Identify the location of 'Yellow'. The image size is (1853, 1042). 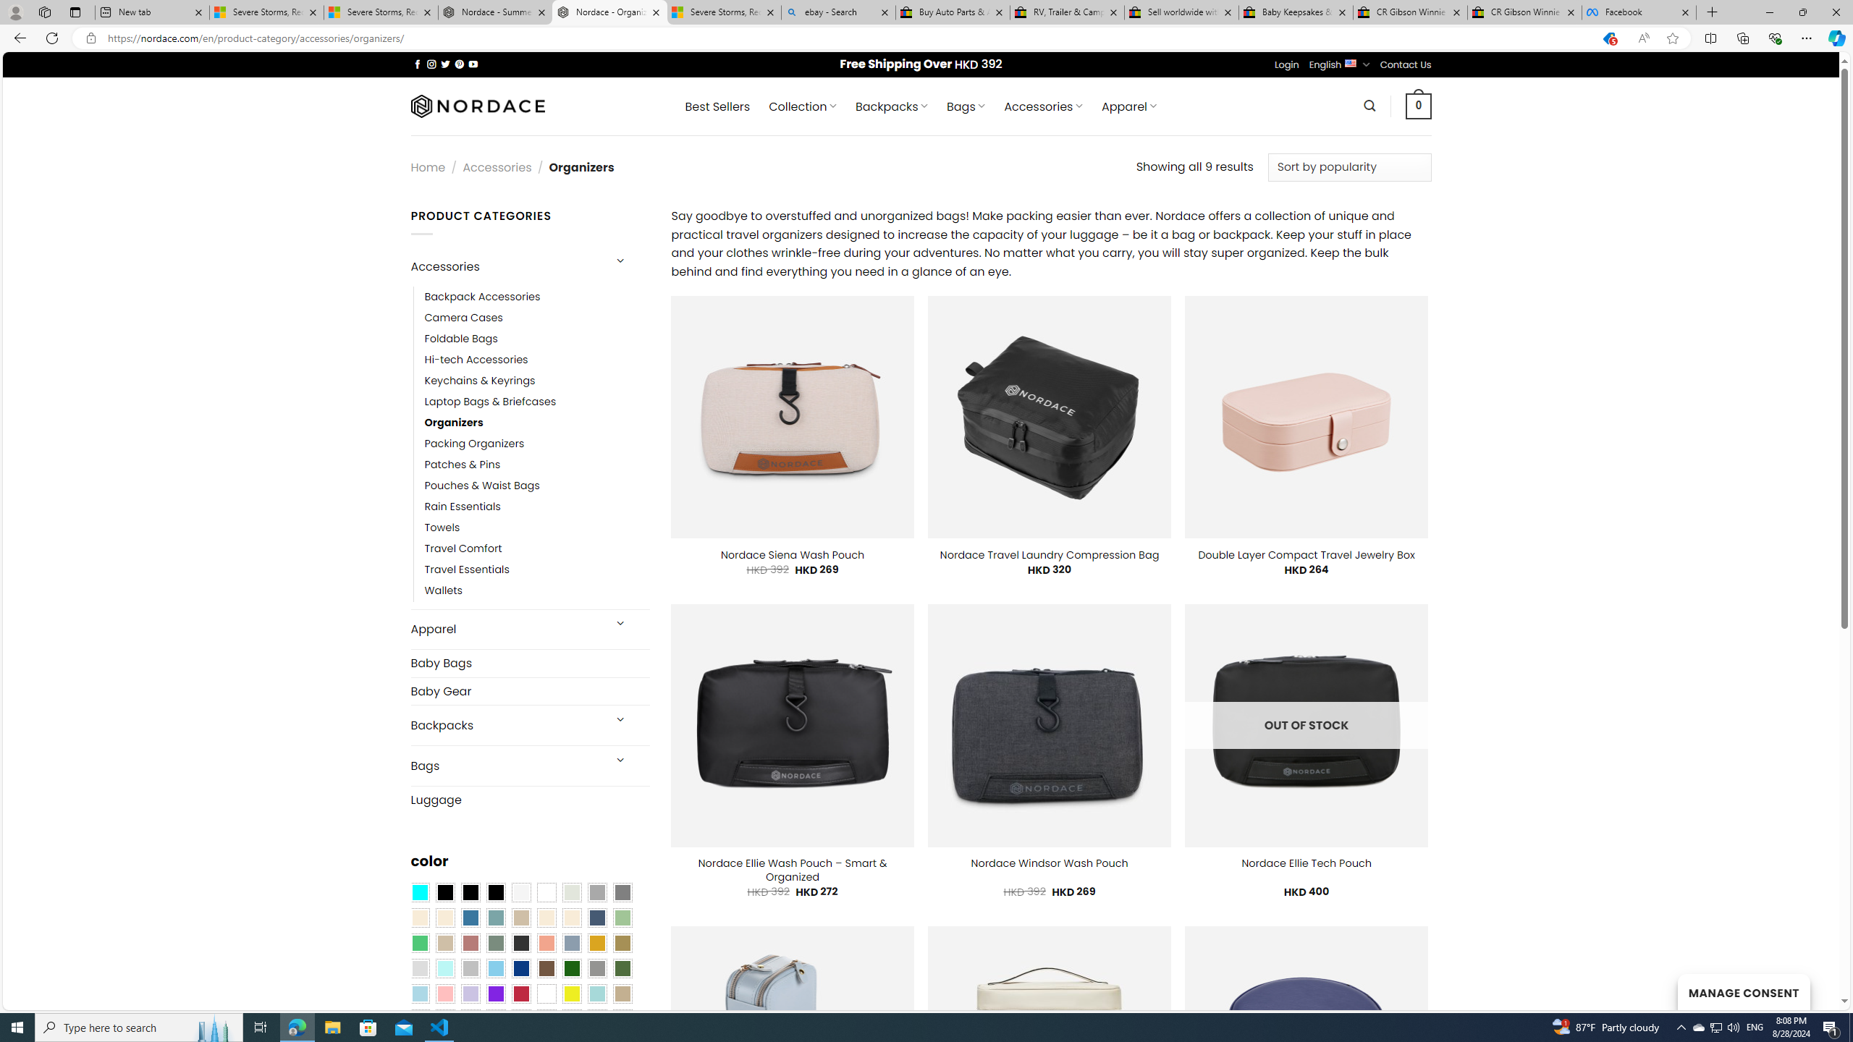
(572, 993).